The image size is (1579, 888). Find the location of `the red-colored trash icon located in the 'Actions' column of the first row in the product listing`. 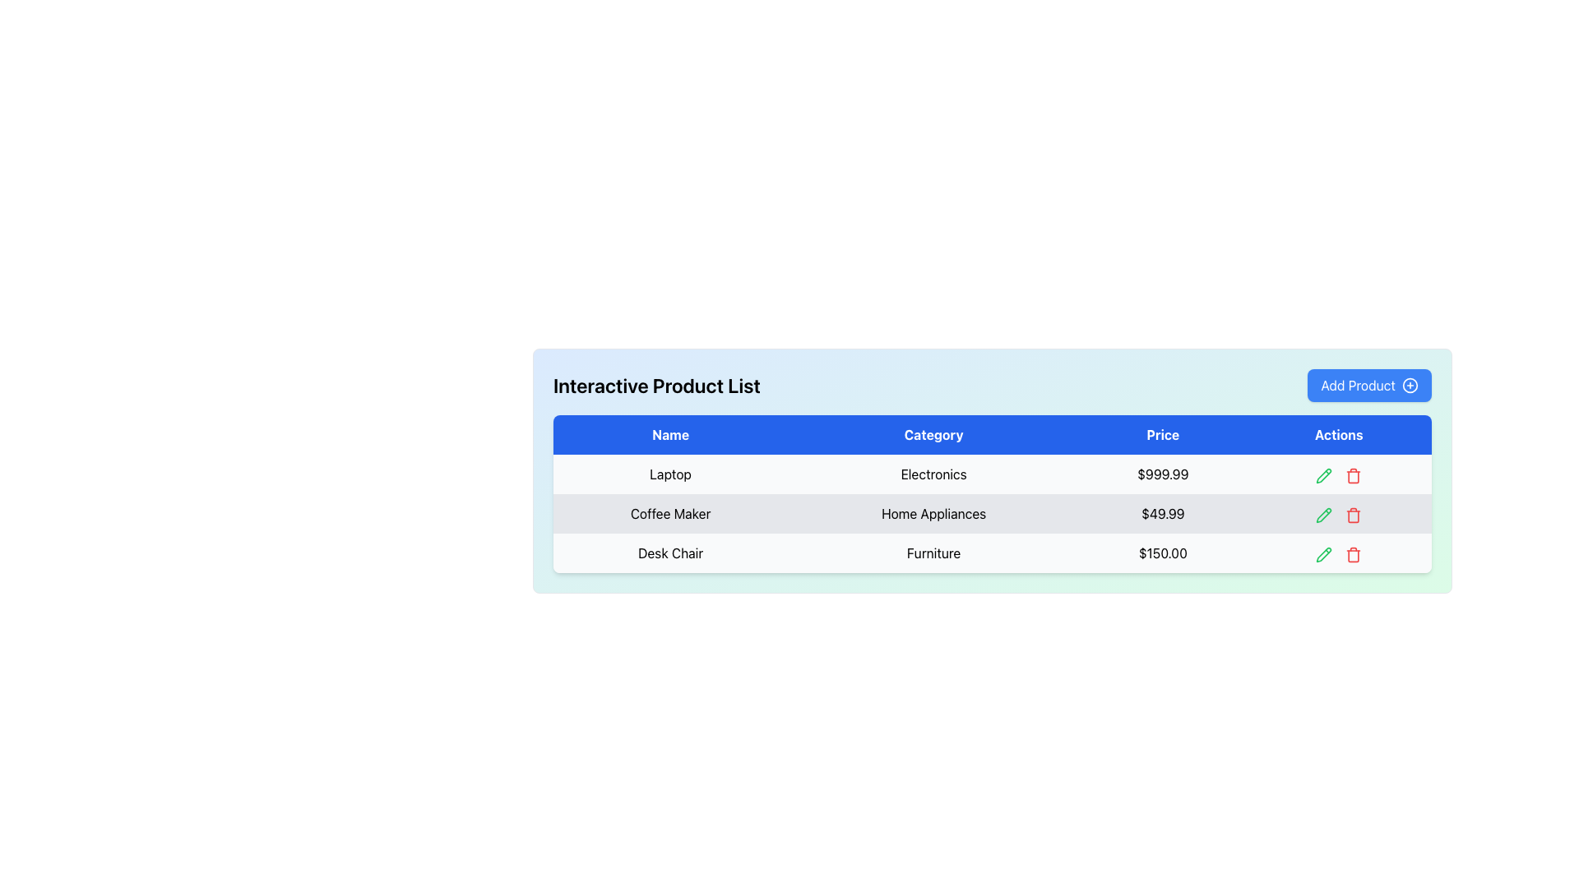

the red-colored trash icon located in the 'Actions' column of the first row in the product listing is located at coordinates (1354, 474).